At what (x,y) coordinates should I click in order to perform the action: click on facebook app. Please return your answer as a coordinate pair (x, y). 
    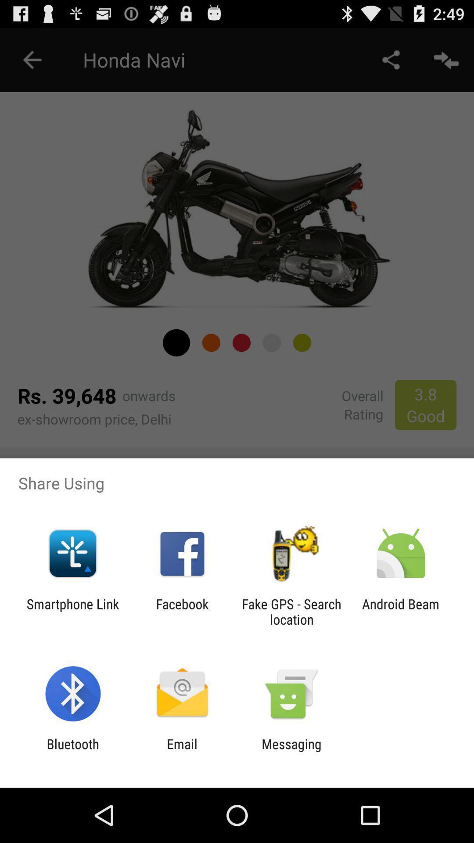
    Looking at the image, I should click on (182, 611).